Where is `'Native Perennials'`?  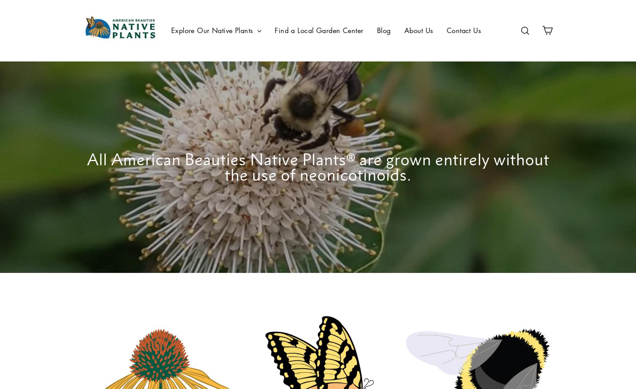 'Native Perennials' is located at coordinates (198, 82).